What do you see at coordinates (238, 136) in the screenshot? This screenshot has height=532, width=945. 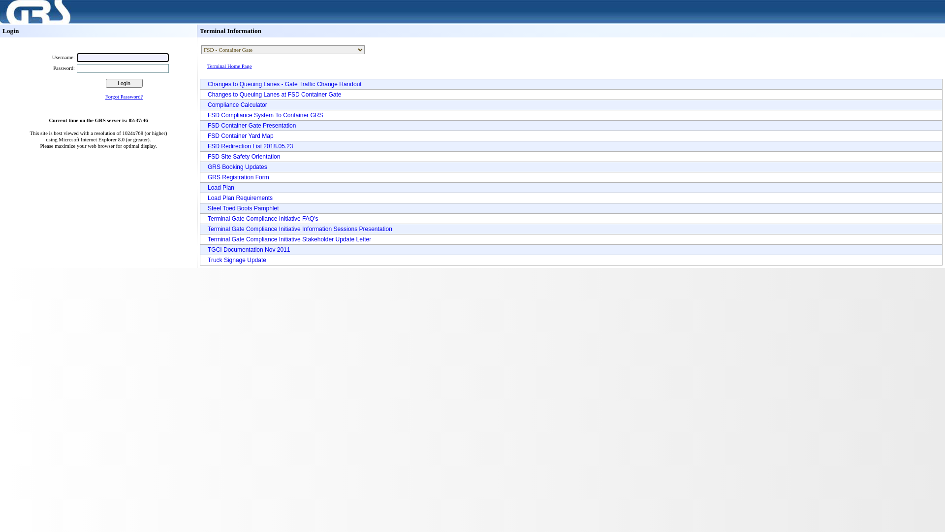 I see `'FSD Container Yard Map'` at bounding box center [238, 136].